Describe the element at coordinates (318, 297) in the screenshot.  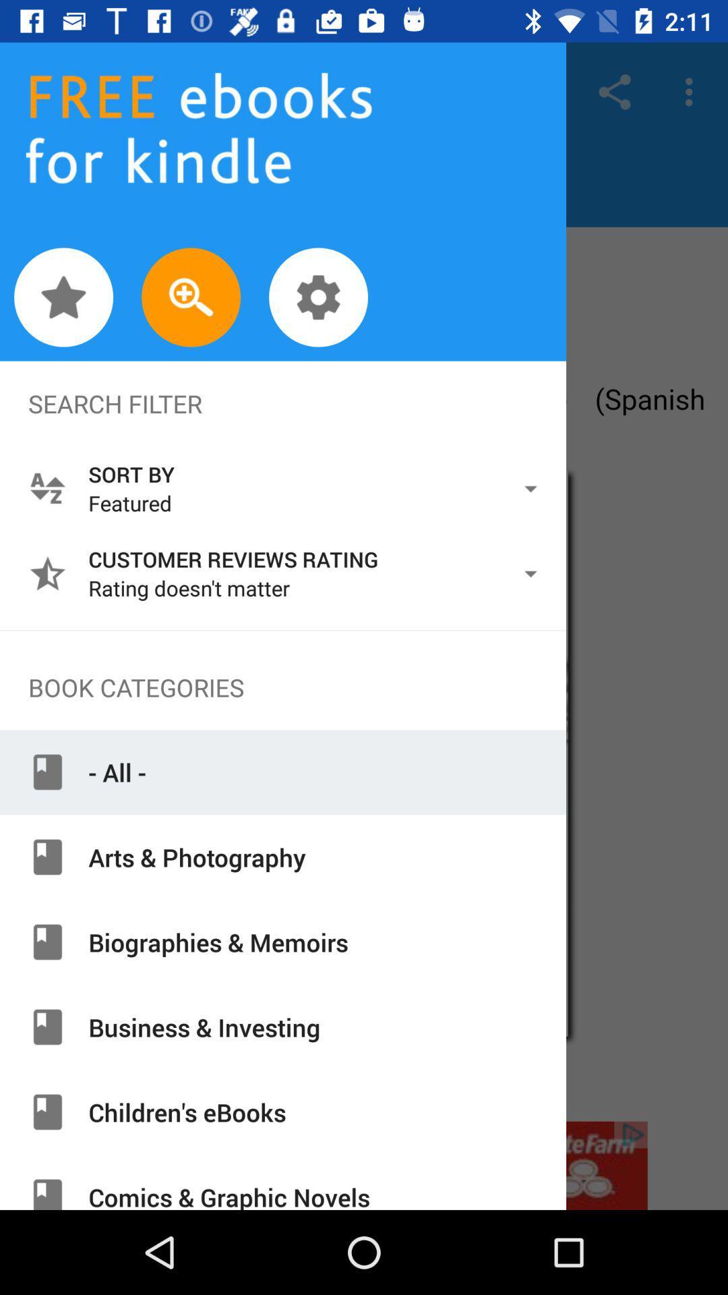
I see `setting` at that location.